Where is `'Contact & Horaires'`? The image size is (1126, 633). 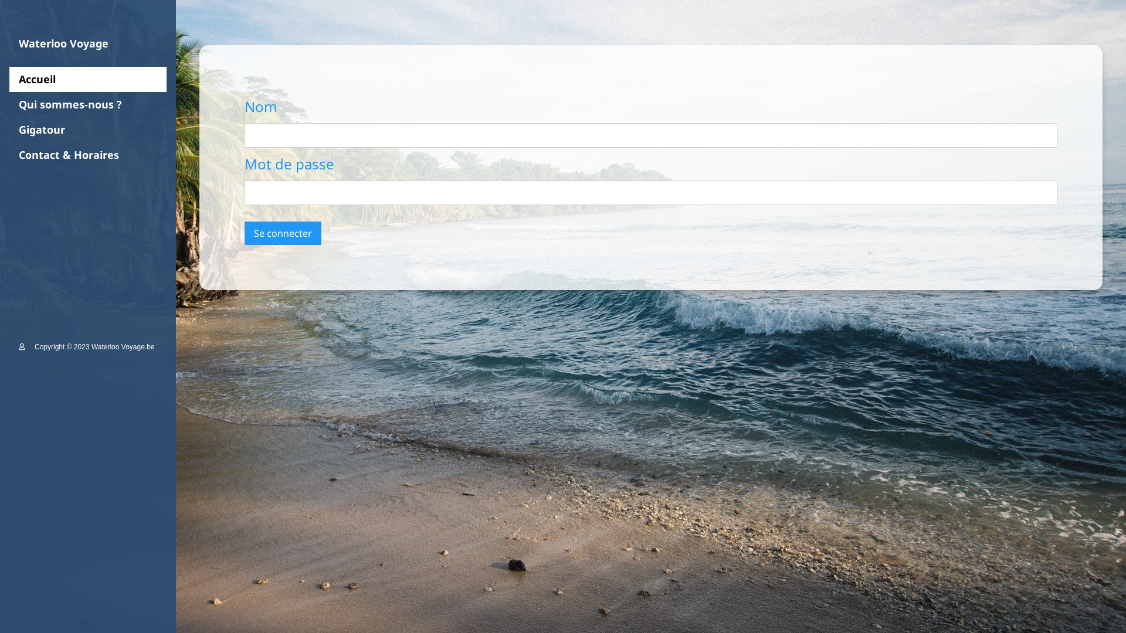 'Contact & Horaires' is located at coordinates (9, 154).